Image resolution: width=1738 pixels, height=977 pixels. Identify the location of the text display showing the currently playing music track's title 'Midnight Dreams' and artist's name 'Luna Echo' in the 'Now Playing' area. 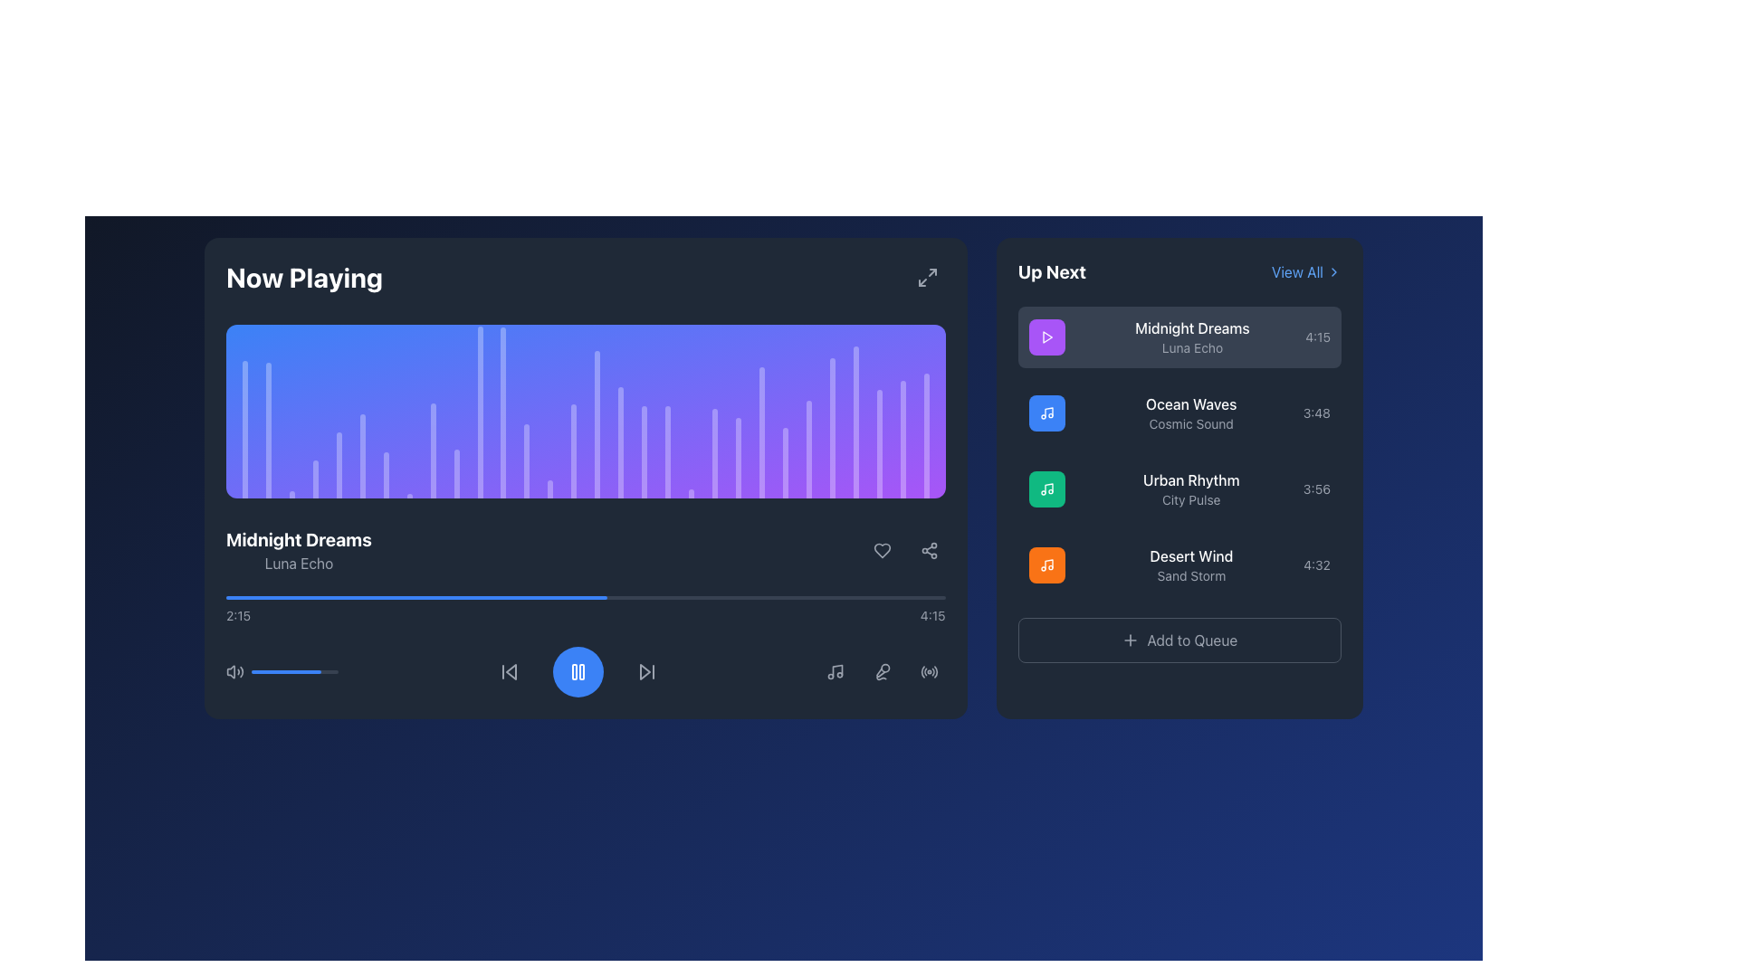
(299, 550).